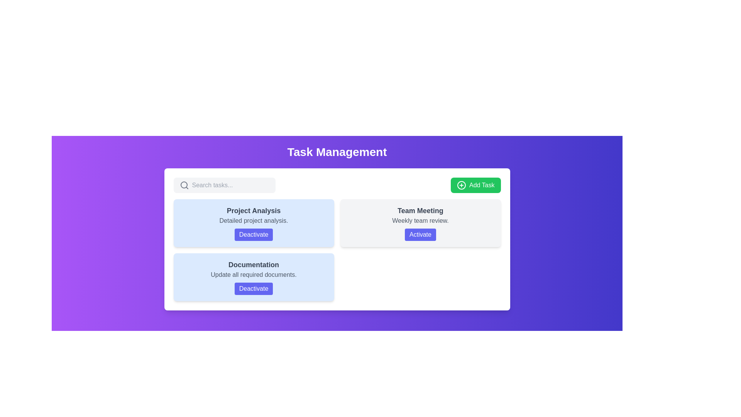 Image resolution: width=741 pixels, height=417 pixels. What do you see at coordinates (420, 220) in the screenshot?
I see `the static text label 'Weekly team review.' which is styled in gray and positioned below the bold title 'Team Meeting' within the card labeled 'Team Meeting'` at bounding box center [420, 220].